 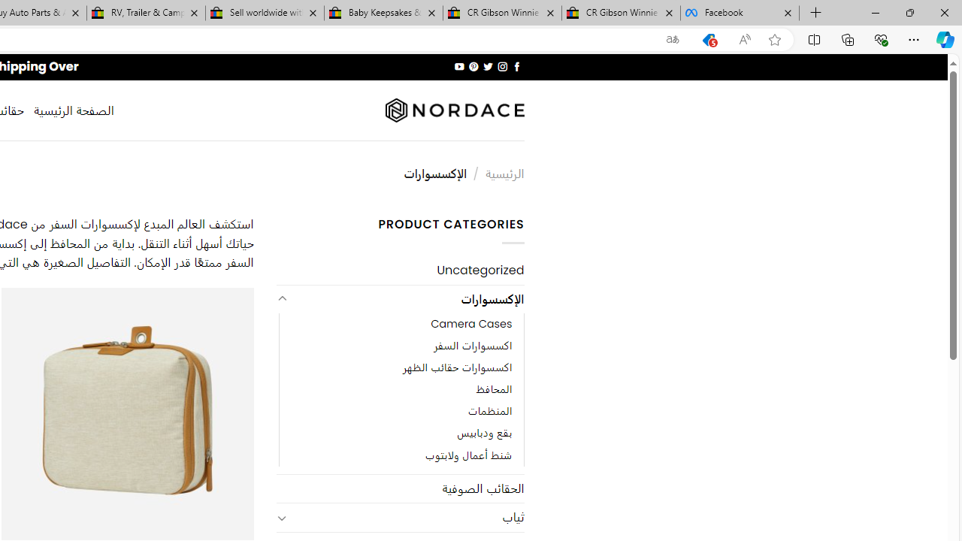 What do you see at coordinates (400, 270) in the screenshot?
I see `'Uncategorized'` at bounding box center [400, 270].